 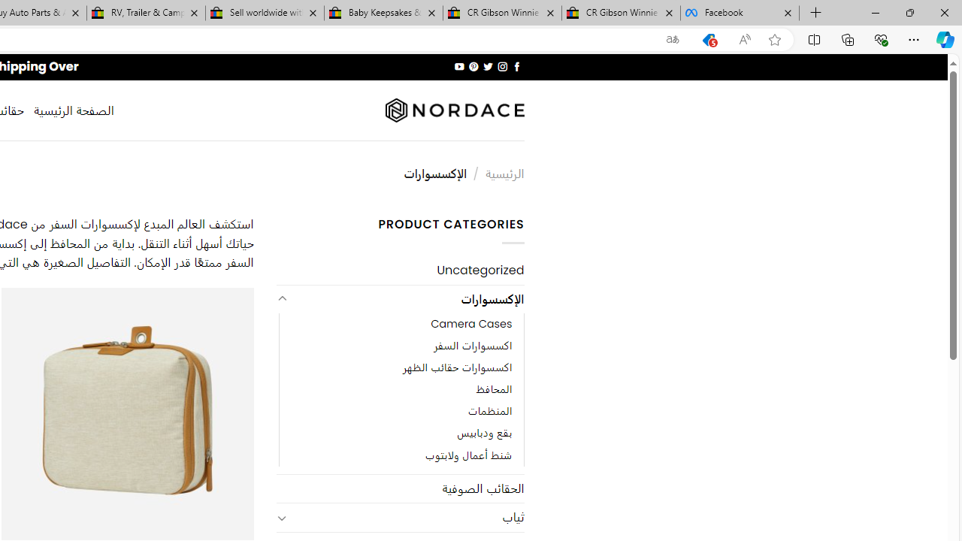 What do you see at coordinates (400, 270) in the screenshot?
I see `'Uncategorized'` at bounding box center [400, 270].